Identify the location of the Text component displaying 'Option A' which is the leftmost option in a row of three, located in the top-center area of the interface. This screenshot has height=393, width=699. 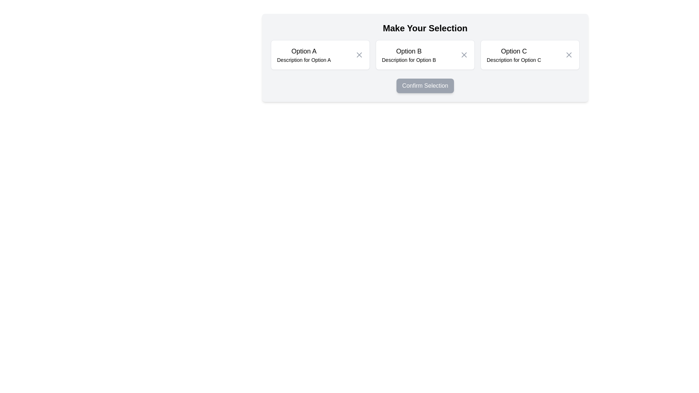
(304, 54).